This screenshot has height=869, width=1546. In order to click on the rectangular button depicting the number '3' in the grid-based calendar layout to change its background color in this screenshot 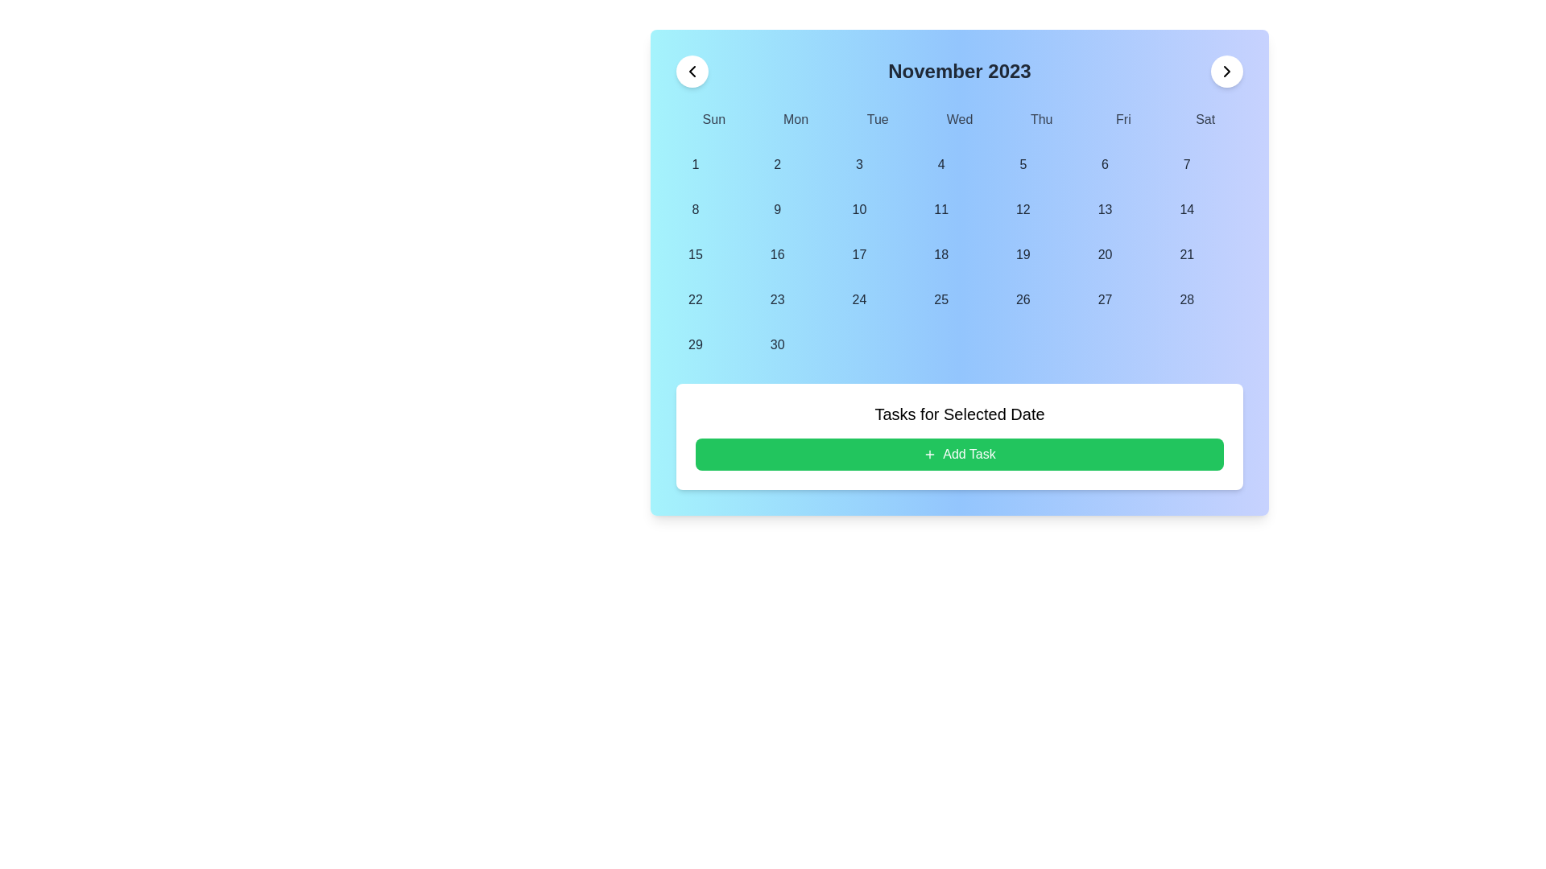, I will do `click(858, 164)`.